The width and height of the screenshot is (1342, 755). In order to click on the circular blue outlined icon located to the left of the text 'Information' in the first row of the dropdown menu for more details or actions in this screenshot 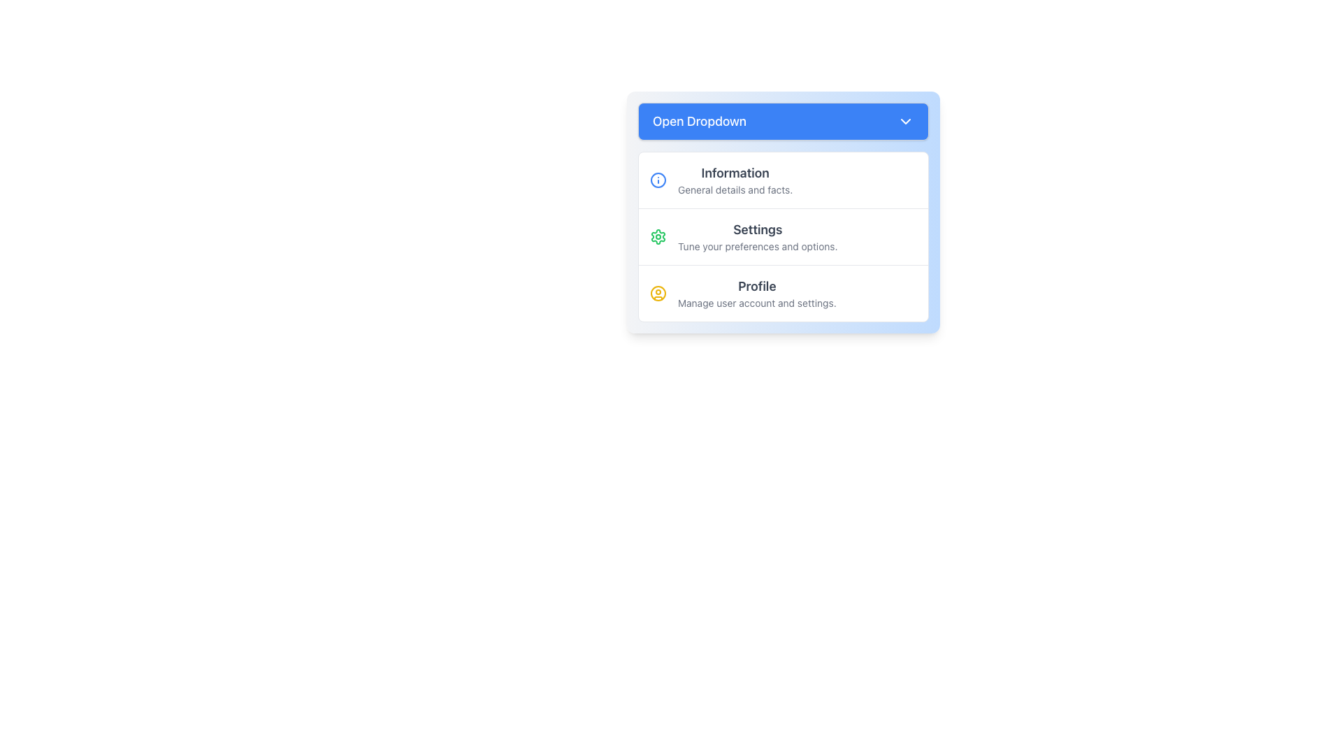, I will do `click(657, 180)`.